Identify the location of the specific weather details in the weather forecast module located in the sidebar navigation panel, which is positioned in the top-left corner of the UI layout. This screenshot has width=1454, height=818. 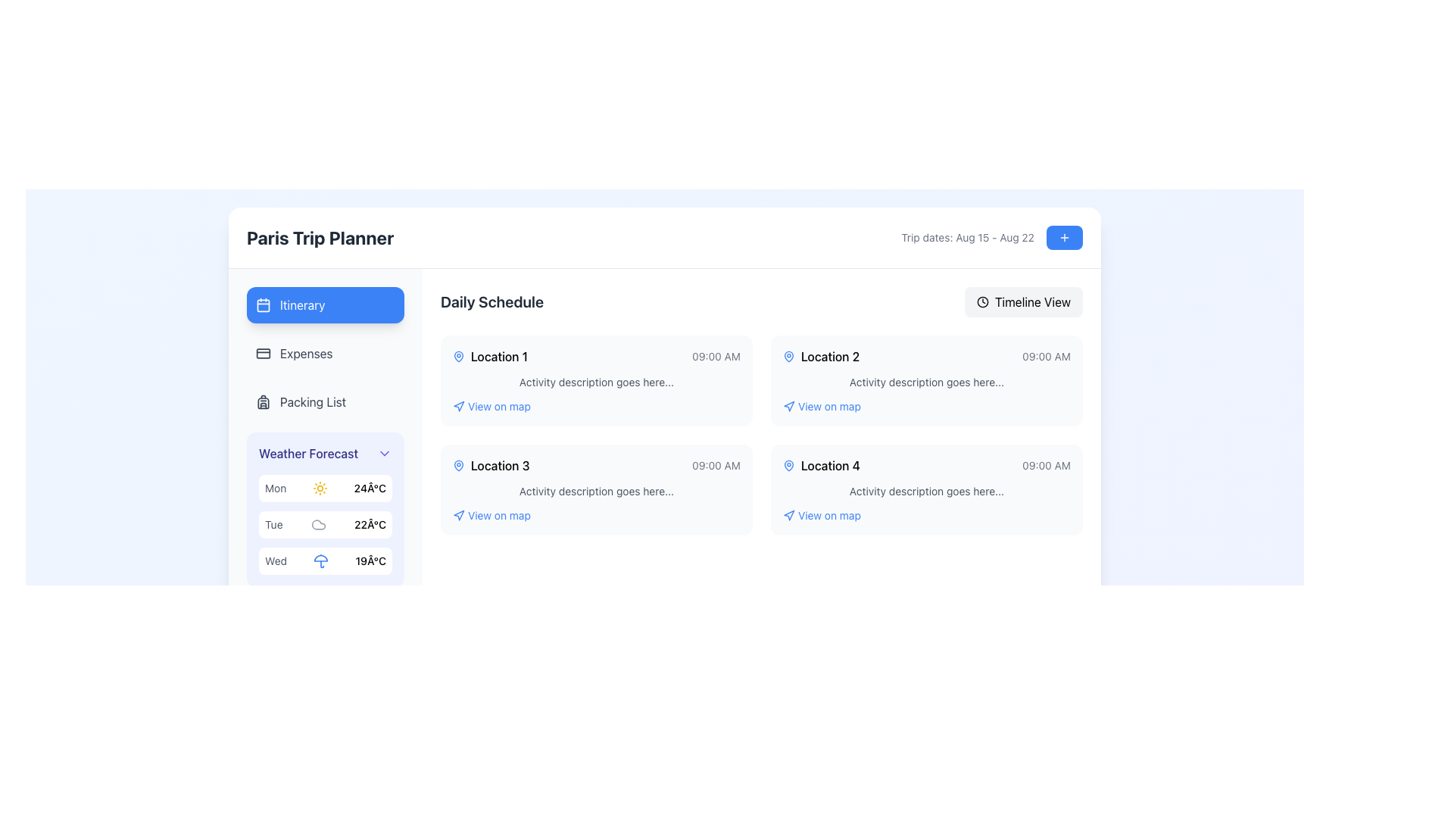
(325, 437).